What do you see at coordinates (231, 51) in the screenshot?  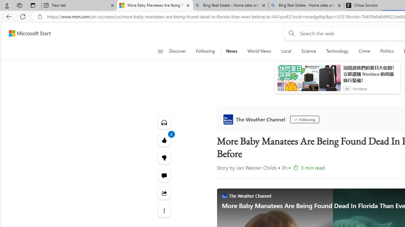 I see `'News'` at bounding box center [231, 51].